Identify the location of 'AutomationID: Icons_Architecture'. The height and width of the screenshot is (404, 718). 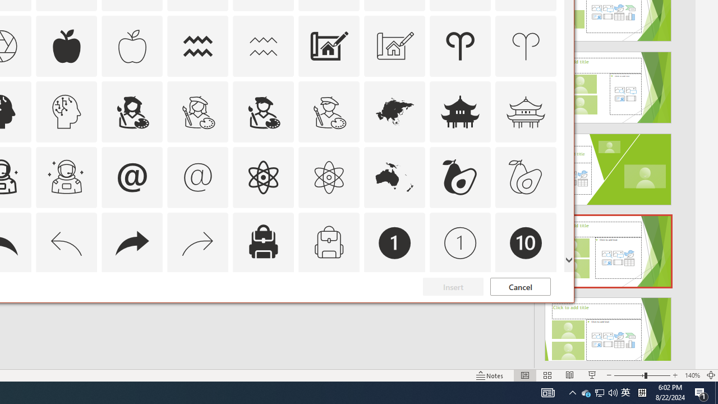
(328, 45).